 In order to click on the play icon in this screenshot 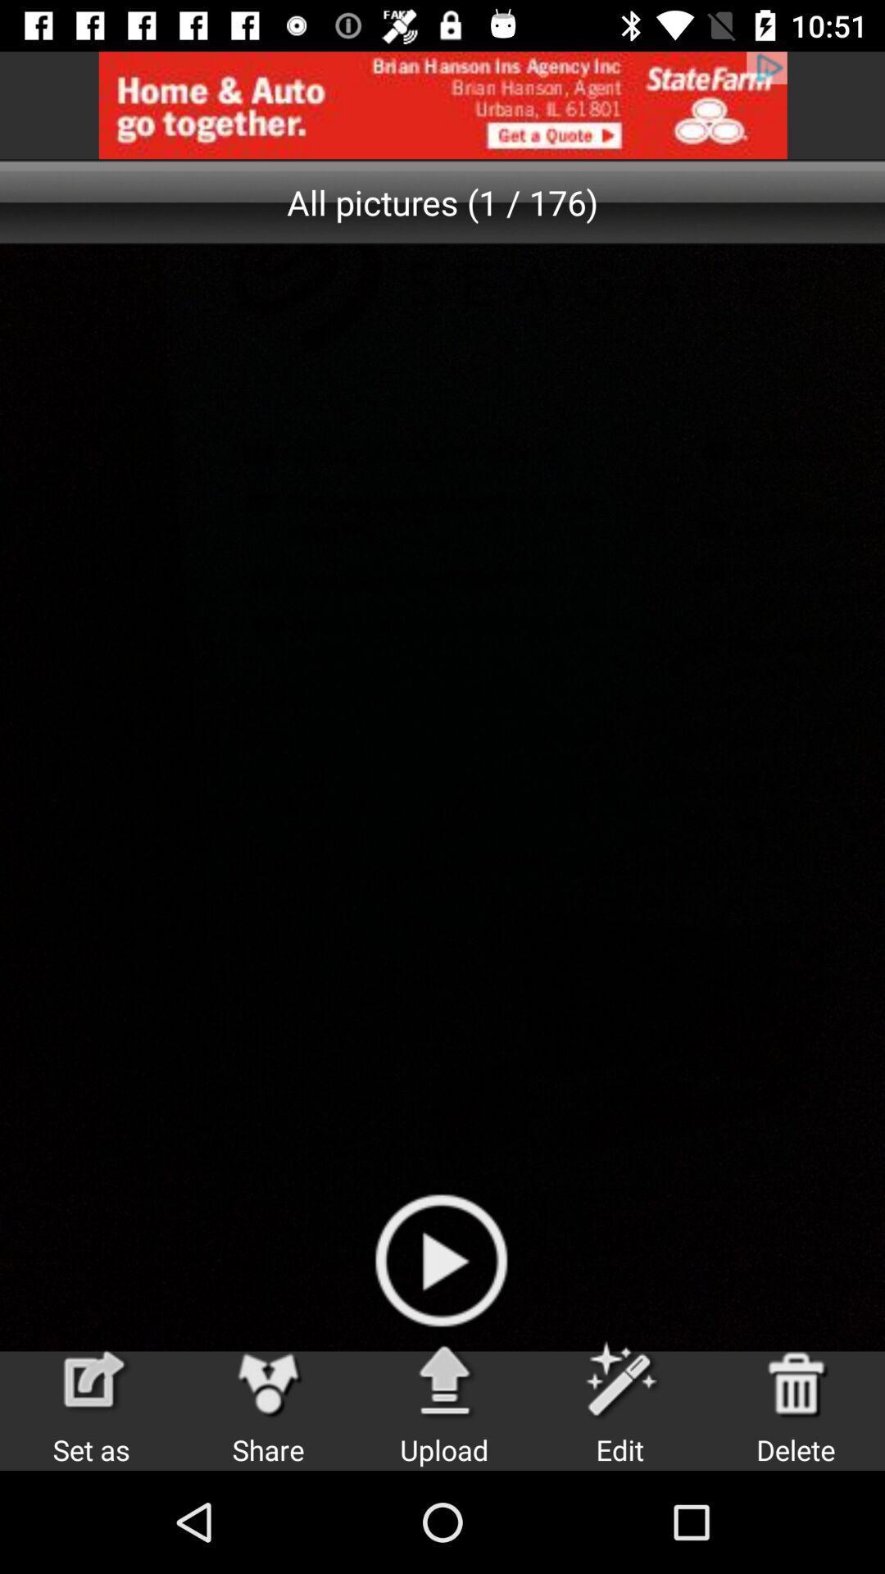, I will do `click(442, 1261)`.